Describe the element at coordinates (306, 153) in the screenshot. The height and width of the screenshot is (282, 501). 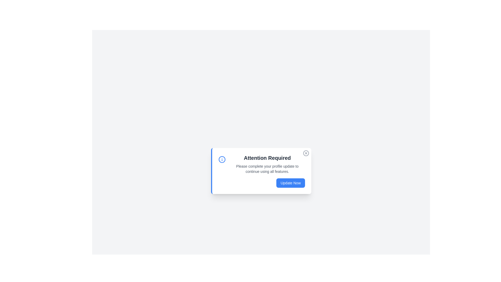
I see `the close button at the top-right corner of the alert` at that location.